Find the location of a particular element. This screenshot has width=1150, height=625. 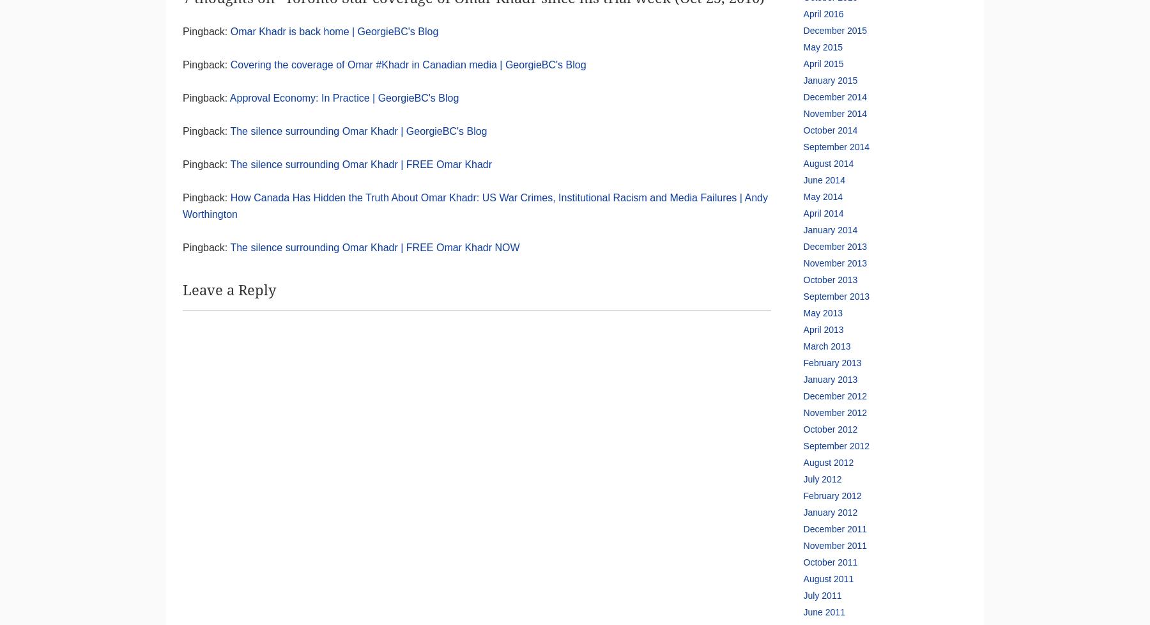

'How Canada Has Hidden the Truth About Omar Khadr: US War Crimes, Institutional Racism and Media Failures | Andy Worthington' is located at coordinates (182, 205).